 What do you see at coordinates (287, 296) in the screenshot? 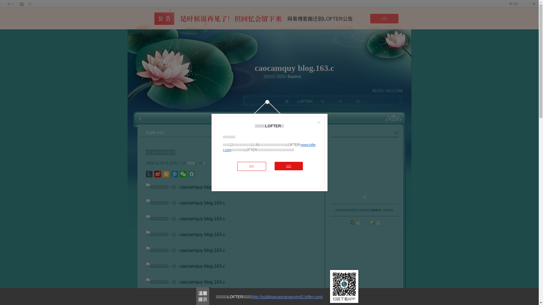
I see `'http://subblogcaocamquym42.lofter.com/'` at bounding box center [287, 296].